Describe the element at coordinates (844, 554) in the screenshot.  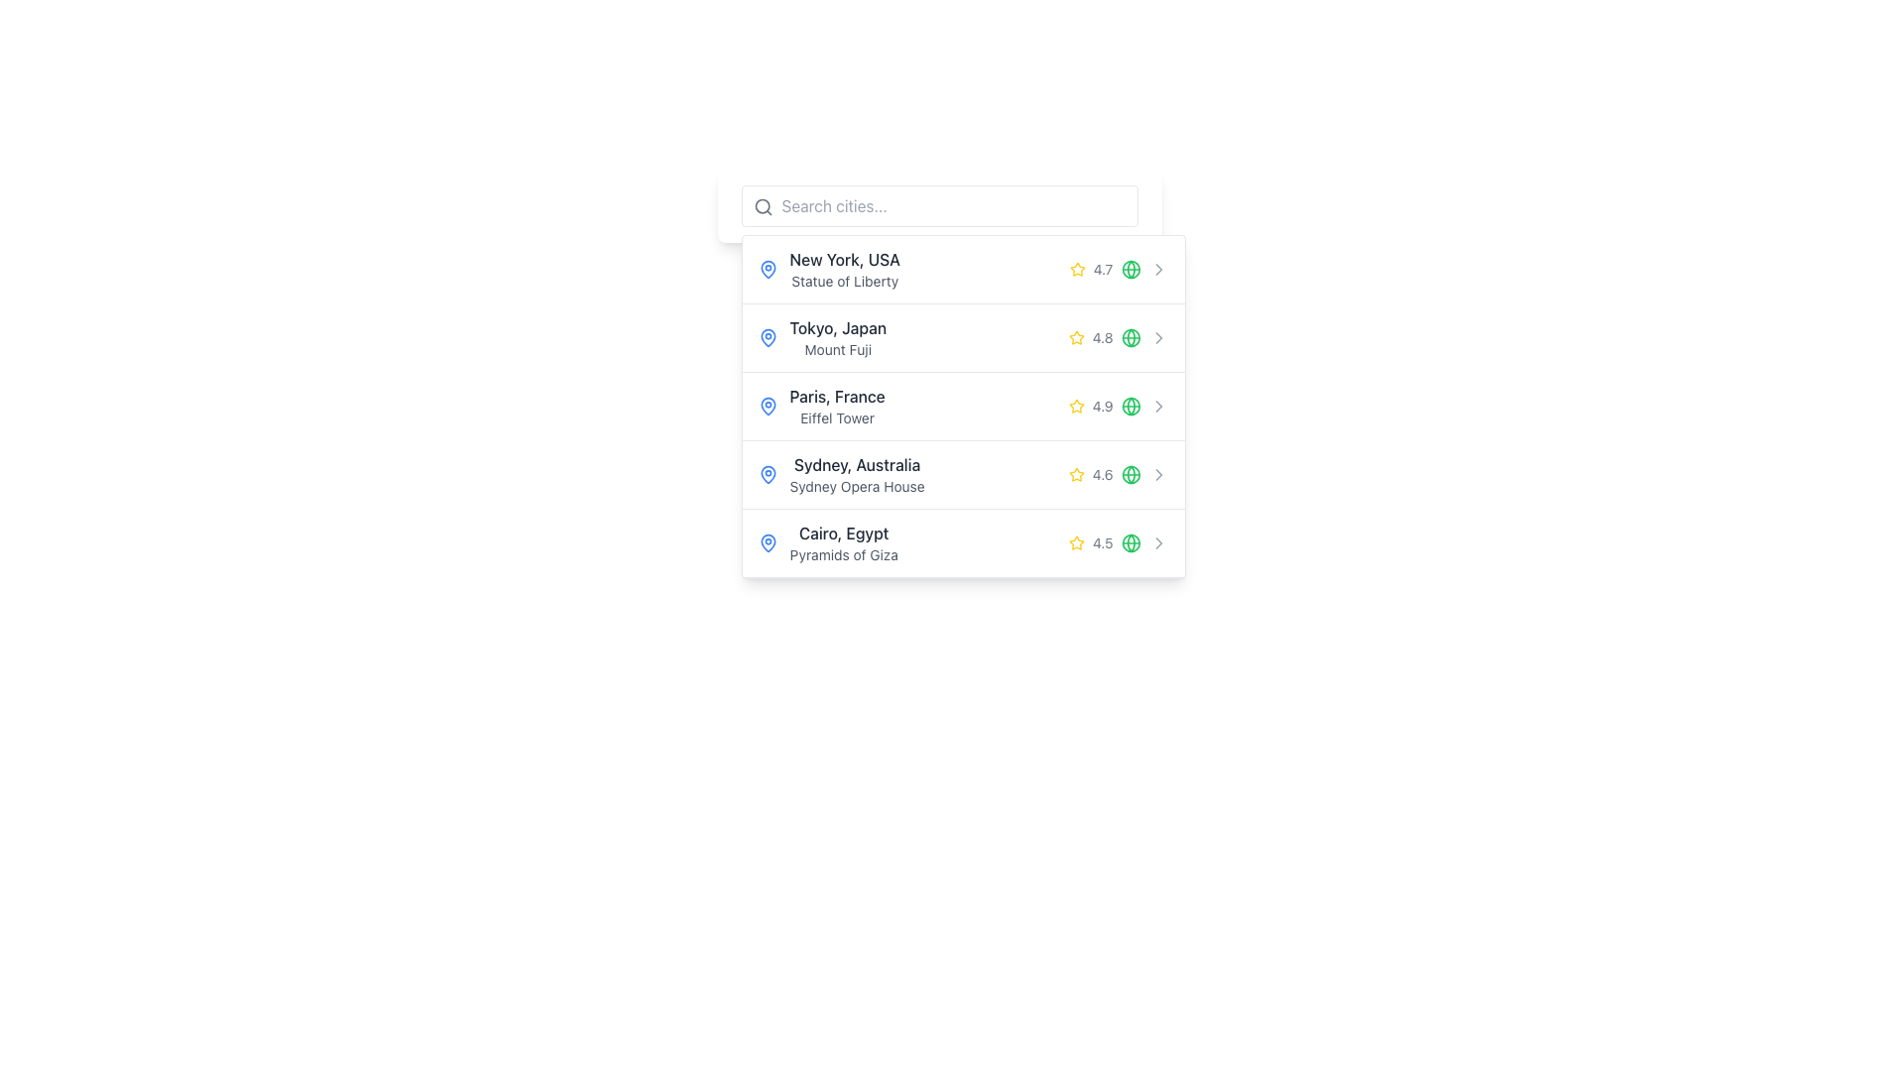
I see `the static text label providing additional details about 'Cairo, Egypt,' which is positioned directly below the entry for 'Cairo, Egypt.'` at that location.